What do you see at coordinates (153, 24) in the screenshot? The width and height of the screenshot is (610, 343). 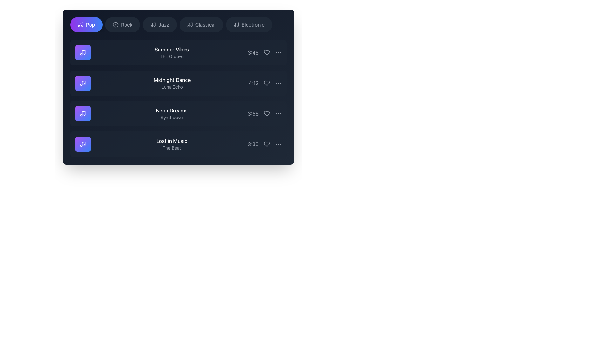 I see `the musical note icon located within the 'Jazz' button in the horizontal navigation bar, which is the third button from the left` at bounding box center [153, 24].